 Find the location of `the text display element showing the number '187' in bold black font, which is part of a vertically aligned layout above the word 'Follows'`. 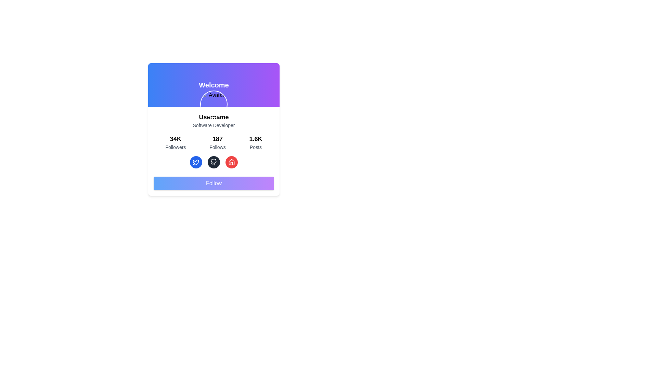

the text display element showing the number '187' in bold black font, which is part of a vertically aligned layout above the word 'Follows' is located at coordinates (217, 139).